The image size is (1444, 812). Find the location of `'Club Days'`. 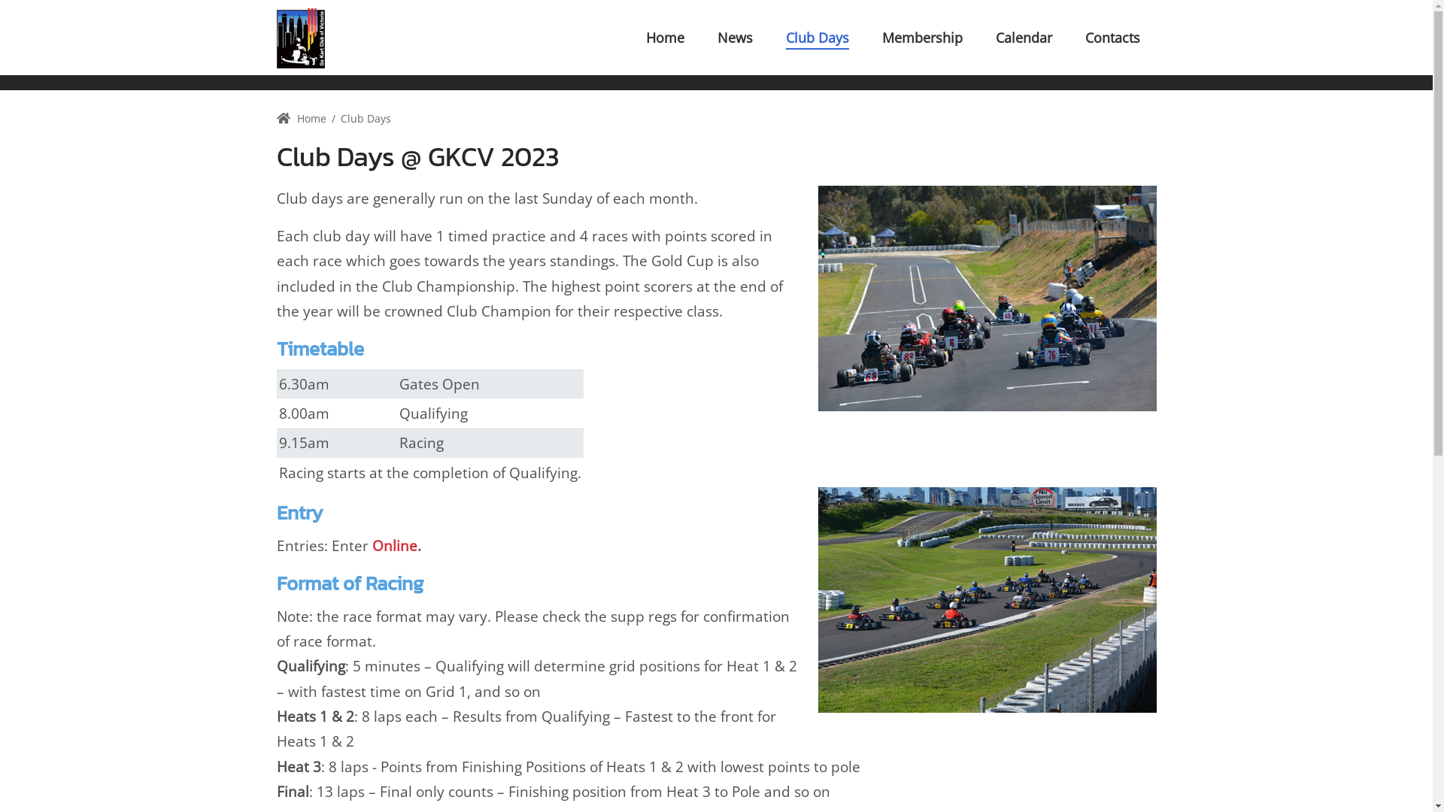

'Club Days' is located at coordinates (815, 37).